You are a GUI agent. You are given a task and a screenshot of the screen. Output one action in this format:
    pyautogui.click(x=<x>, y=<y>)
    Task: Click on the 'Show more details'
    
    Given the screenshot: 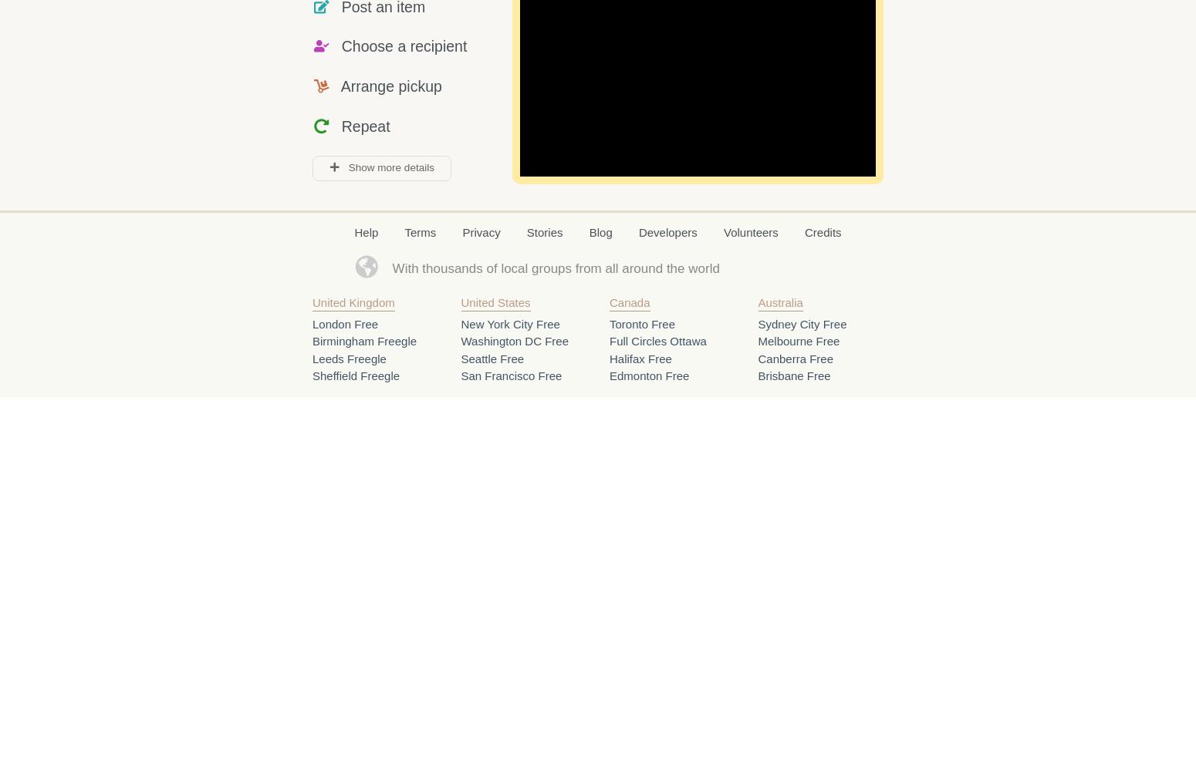 What is the action you would take?
    pyautogui.click(x=385, y=167)
    